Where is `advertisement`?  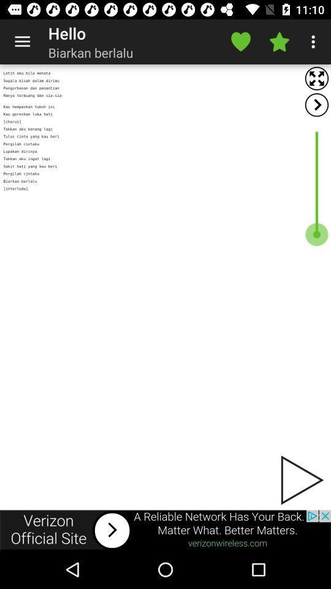 advertisement is located at coordinates (165, 529).